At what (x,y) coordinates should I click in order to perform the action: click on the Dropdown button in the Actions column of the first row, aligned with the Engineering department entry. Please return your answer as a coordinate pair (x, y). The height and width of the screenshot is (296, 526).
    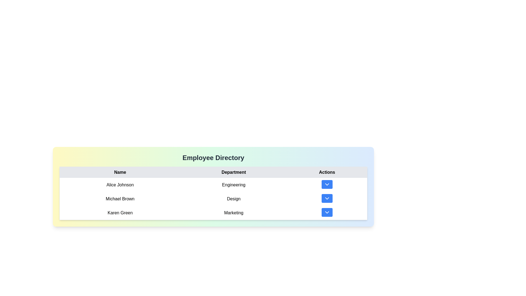
    Looking at the image, I should click on (327, 184).